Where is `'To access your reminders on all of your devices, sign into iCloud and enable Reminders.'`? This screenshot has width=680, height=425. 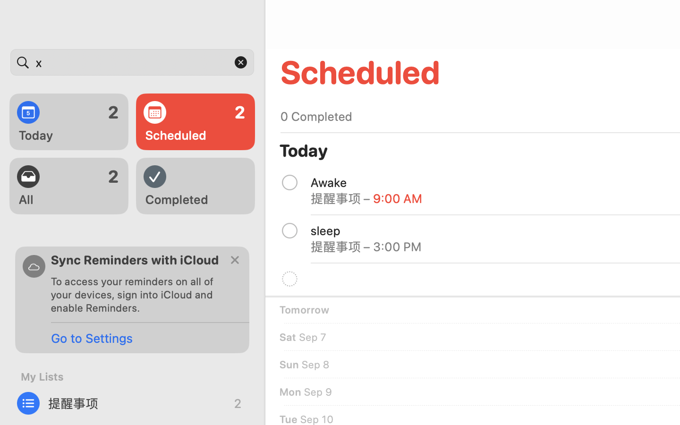
'To access your reminders on all of your devices, sign into iCloud and enable Reminders.' is located at coordinates (136, 294).